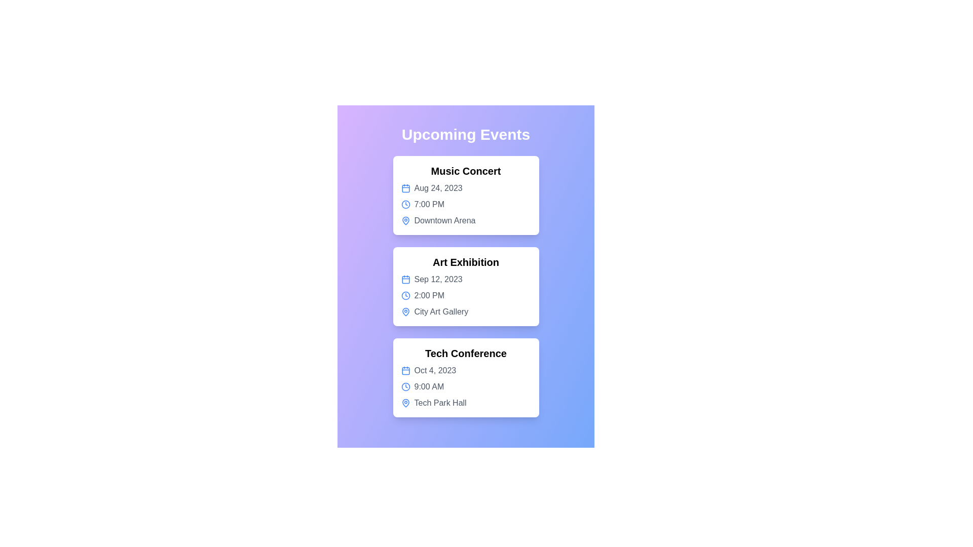 This screenshot has height=547, width=973. Describe the element at coordinates (405, 311) in the screenshot. I see `the blue outline map pin icon adjacent to 'Downtown Arena'` at that location.